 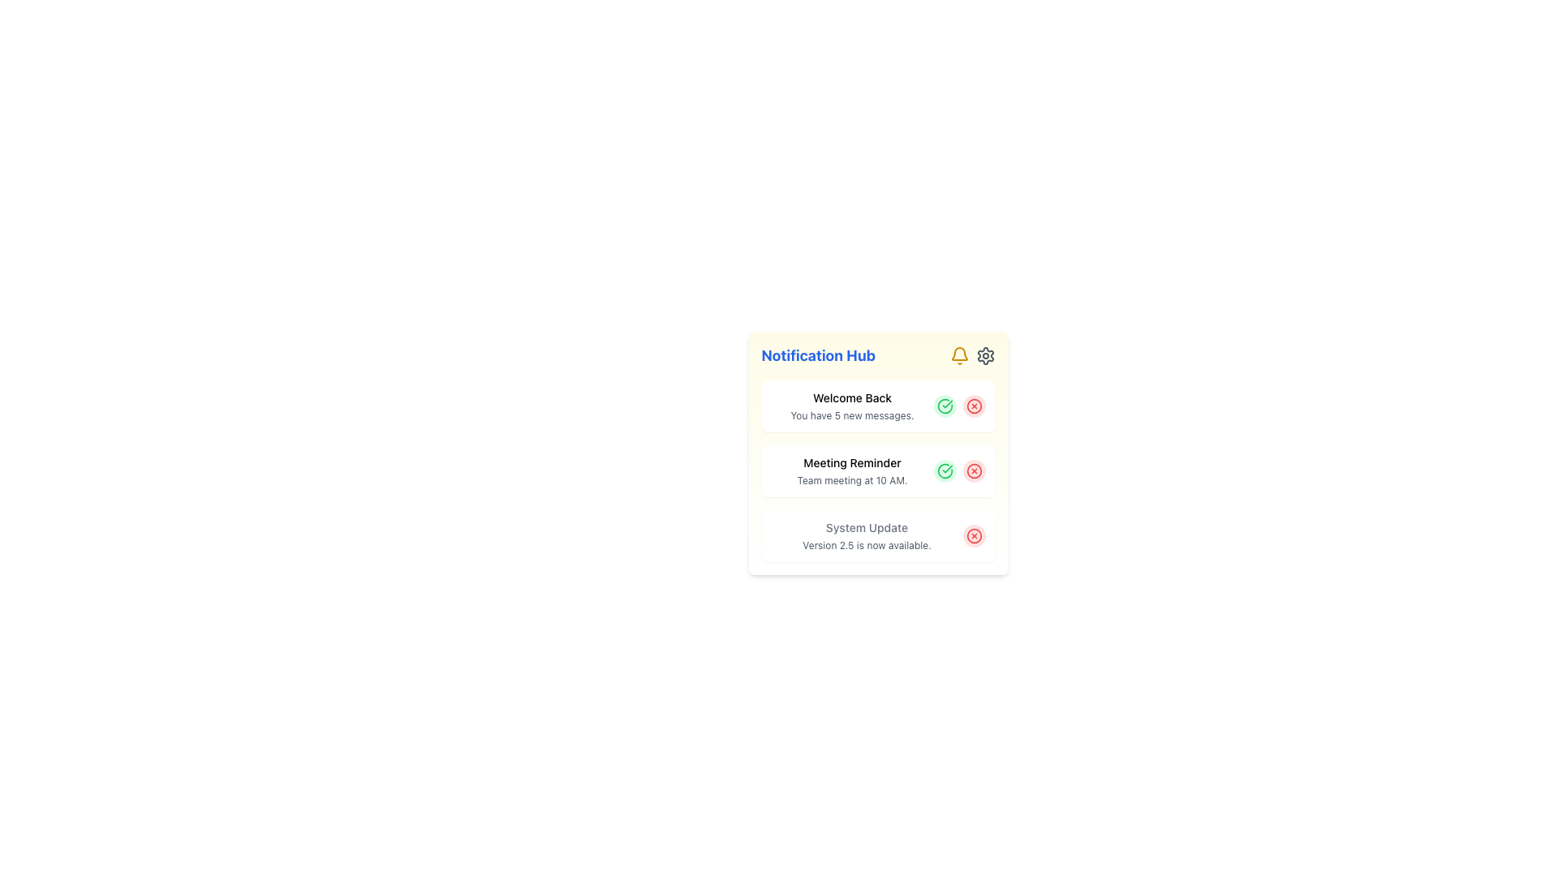 What do you see at coordinates (851, 406) in the screenshot?
I see `the notification header that greets users with 'Welcome Back' and indicates 'You have 5 new messages.' This element is located in the 'Notification Hub' at the top-right corner of the interface` at bounding box center [851, 406].